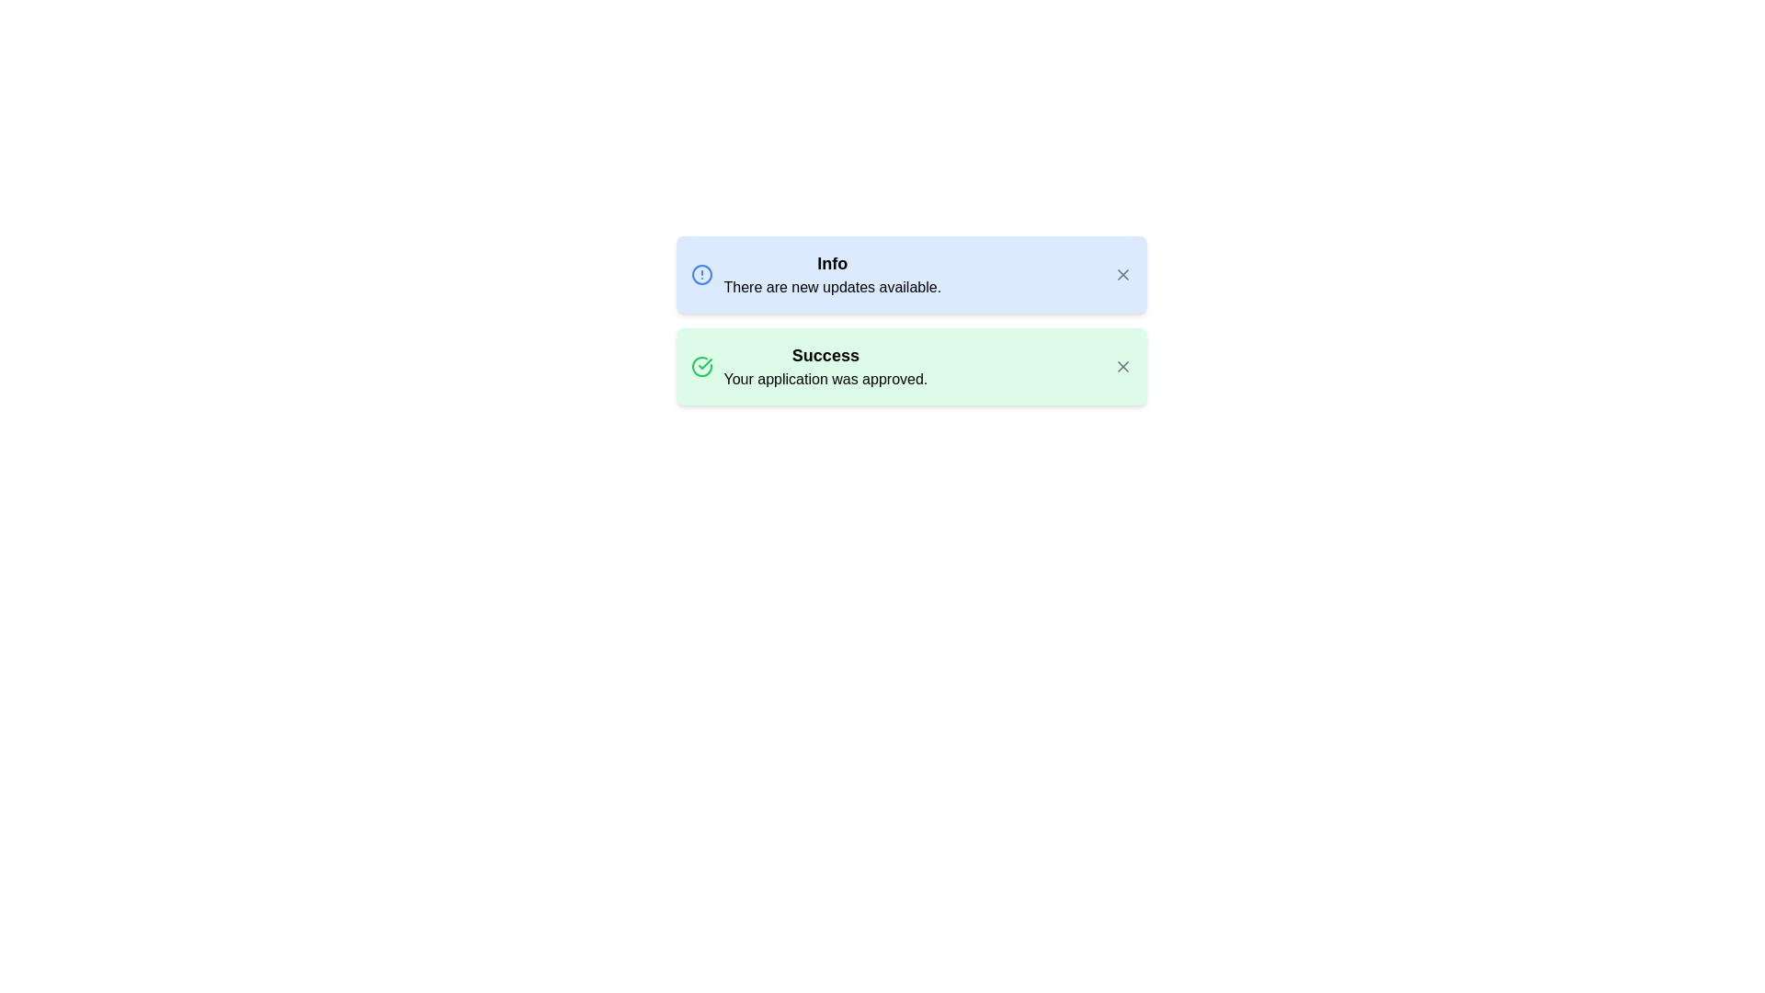  Describe the element at coordinates (700, 275) in the screenshot. I see `the Informational Icon located adjacent to the left side of the 'Info' text within the alert box with a blue background` at that location.